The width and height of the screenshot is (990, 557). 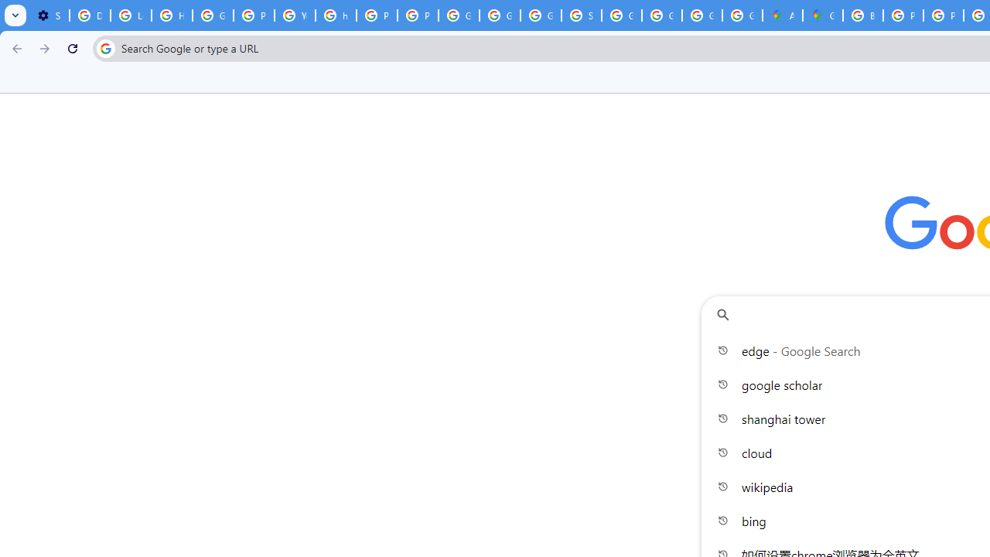 What do you see at coordinates (212, 15) in the screenshot?
I see `'Google Account Help'` at bounding box center [212, 15].